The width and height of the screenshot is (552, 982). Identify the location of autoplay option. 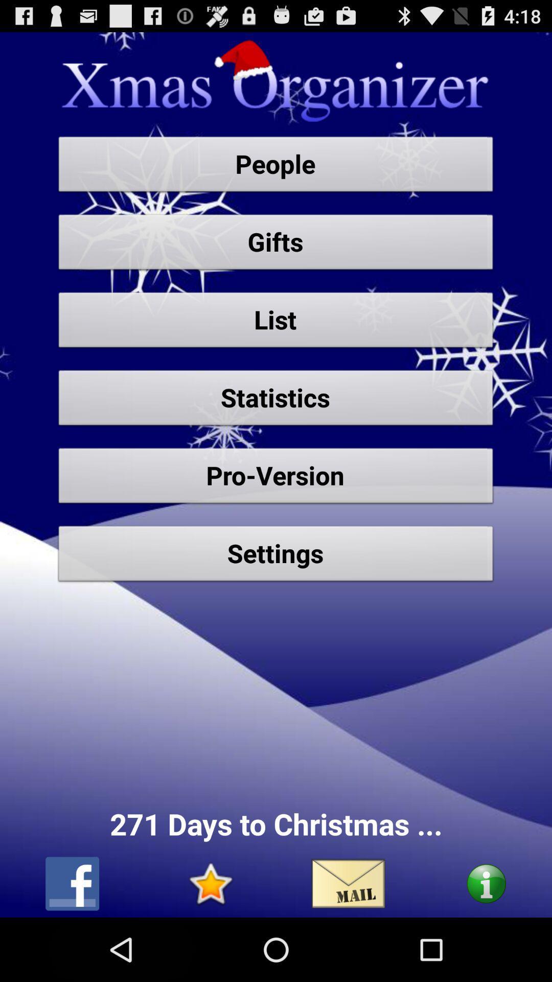
(486, 883).